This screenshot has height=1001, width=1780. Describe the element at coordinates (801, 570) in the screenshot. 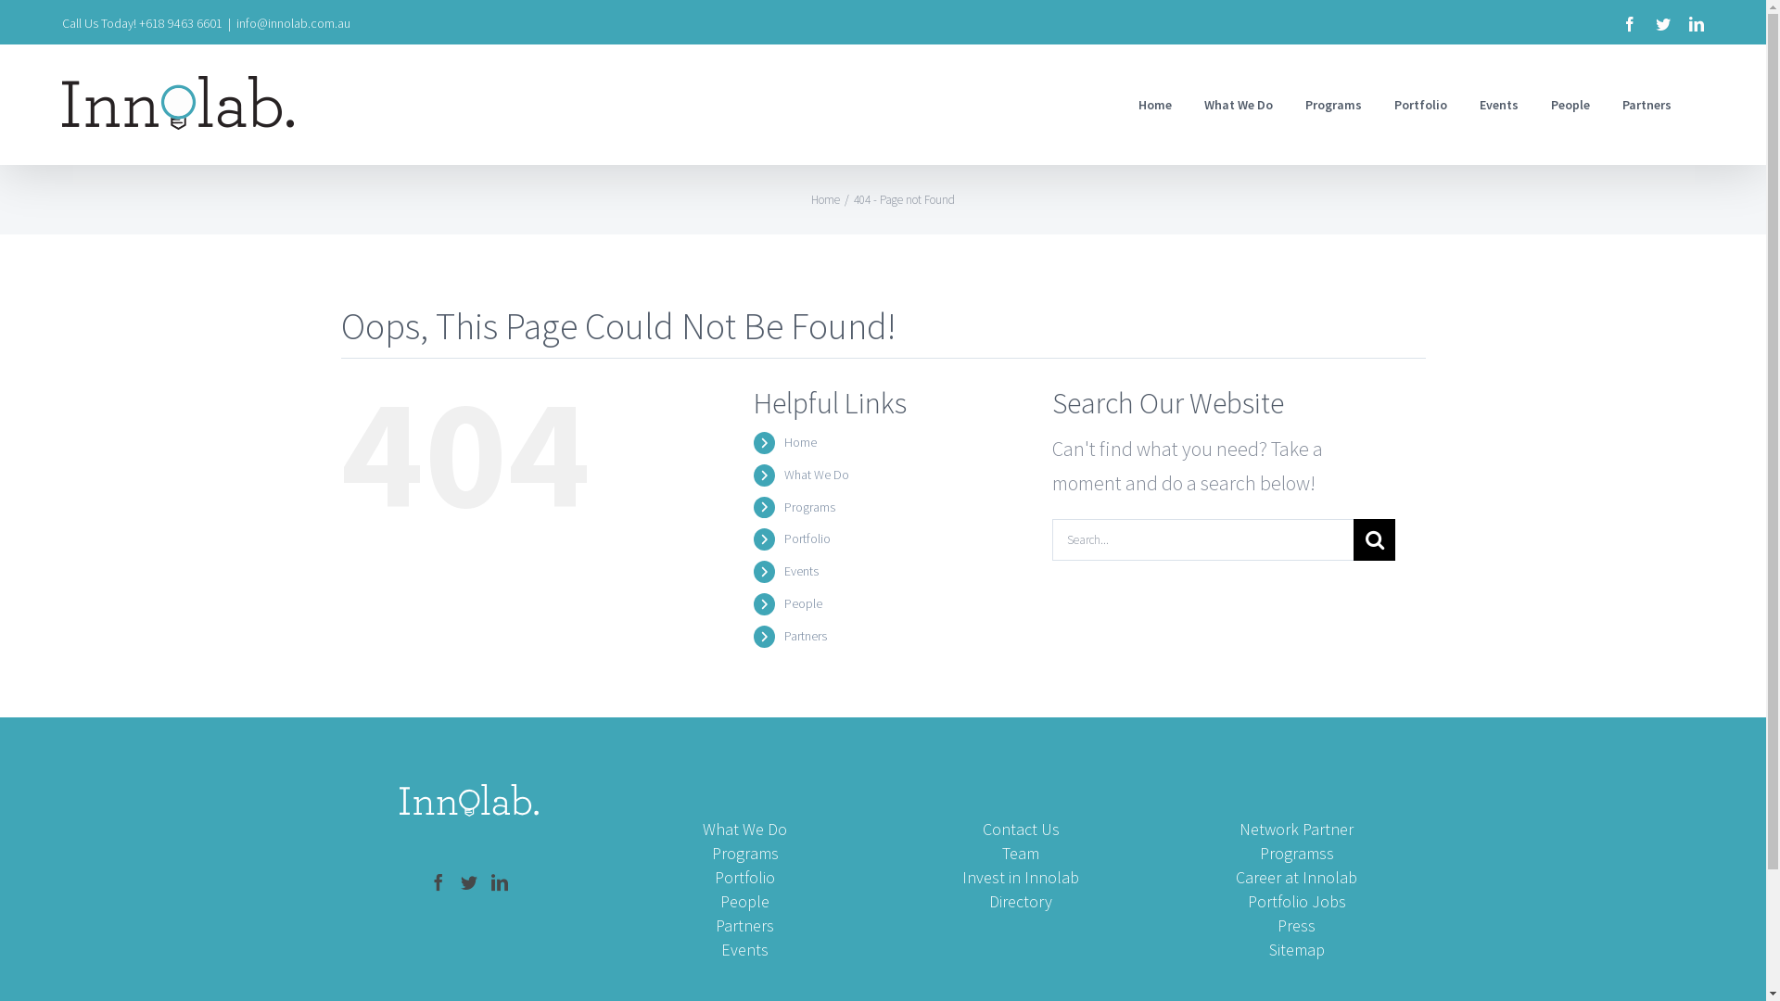

I see `'Events'` at that location.